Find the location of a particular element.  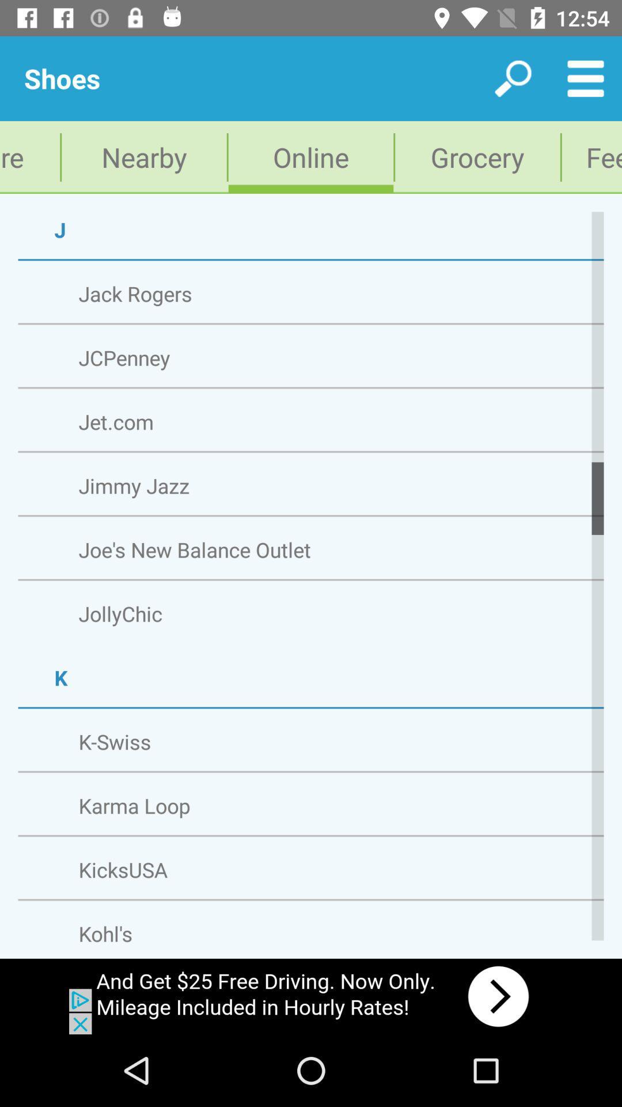

next the option is located at coordinates (311, 996).